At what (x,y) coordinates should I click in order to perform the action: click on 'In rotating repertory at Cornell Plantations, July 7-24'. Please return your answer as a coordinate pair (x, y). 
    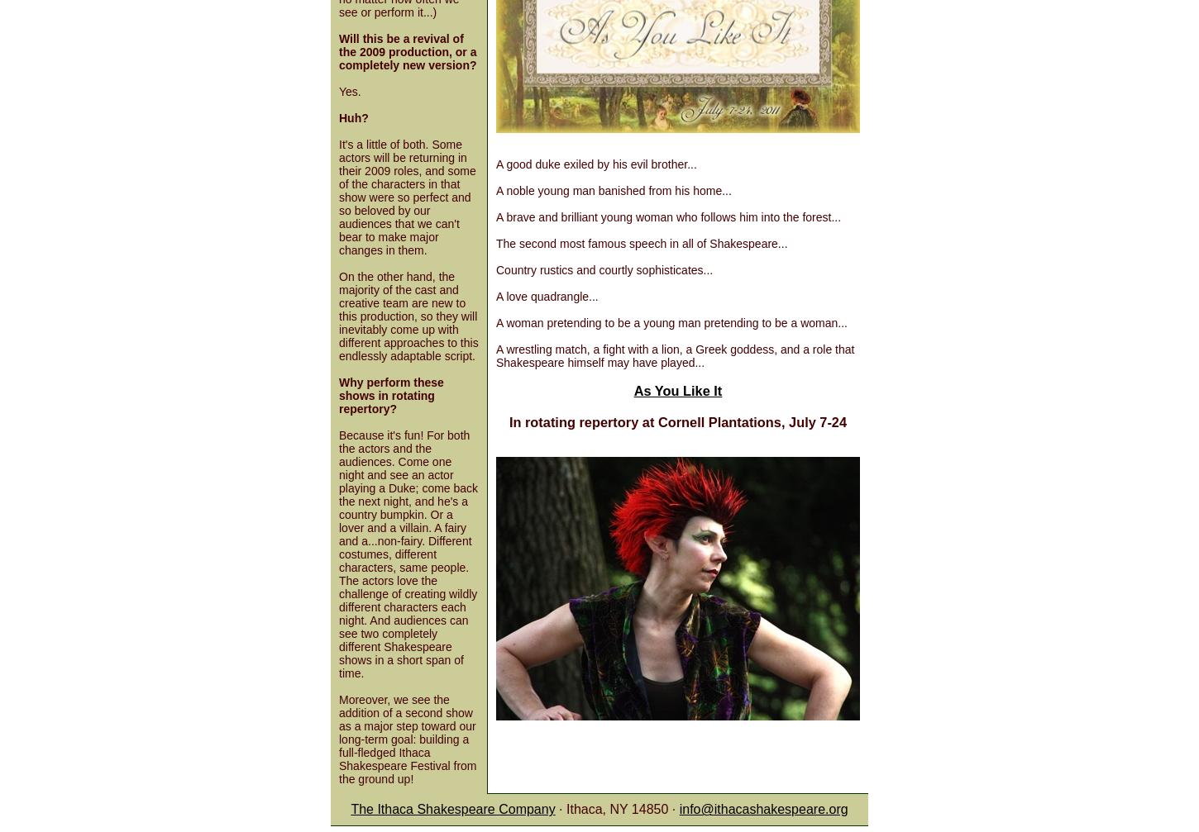
    Looking at the image, I should click on (677, 421).